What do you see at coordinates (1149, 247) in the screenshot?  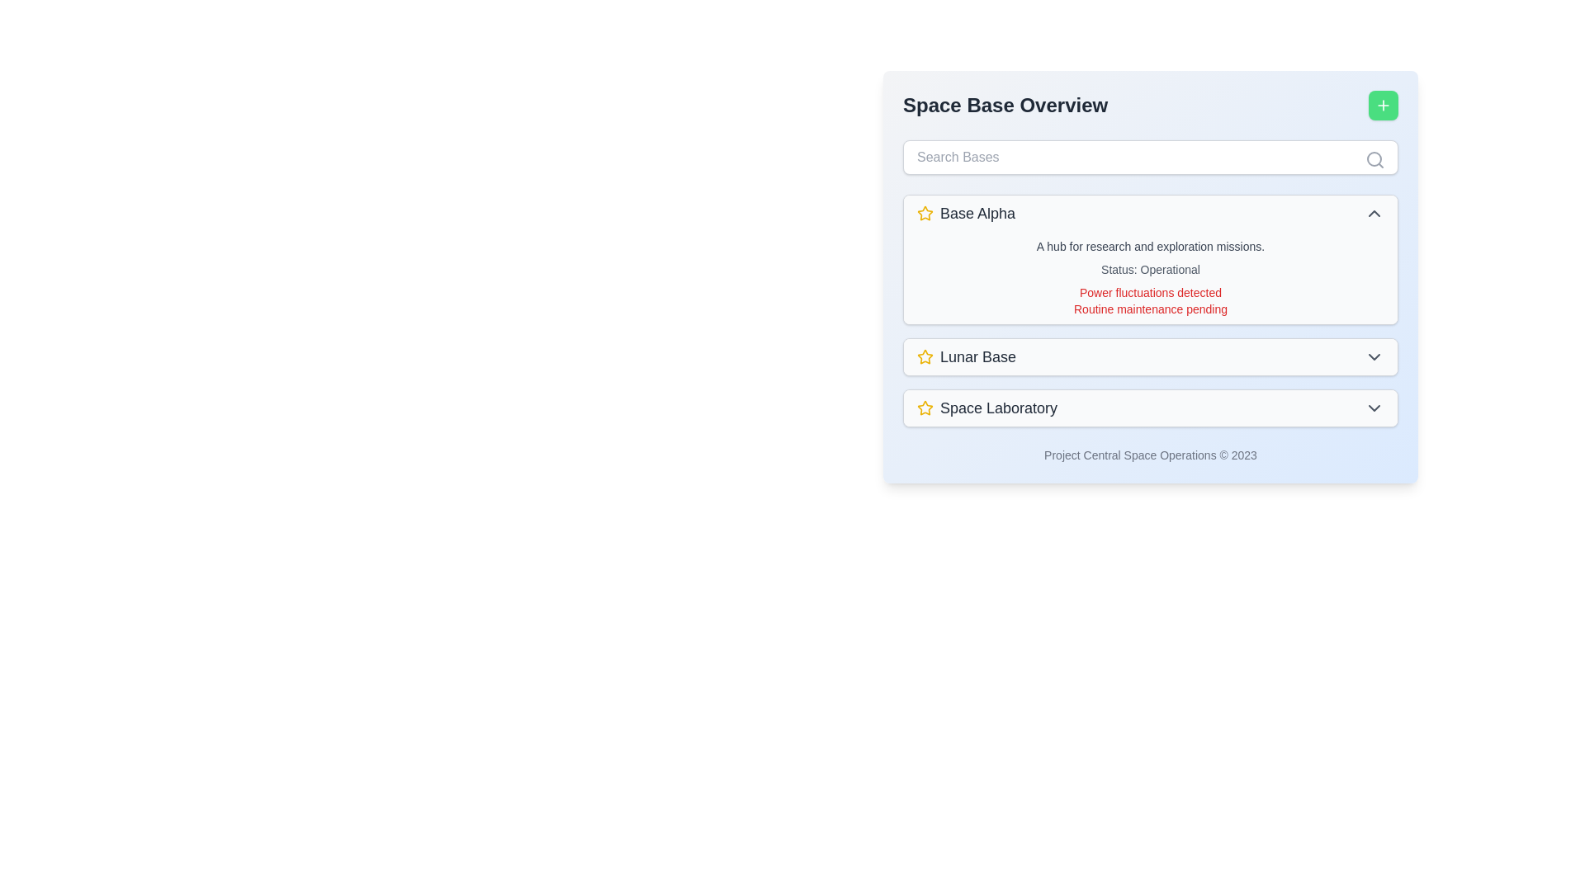 I see `the descriptive text label for the 'Base Alpha' section, which is positioned below the title 'Base Alpha' and above other status-related messages` at bounding box center [1149, 247].